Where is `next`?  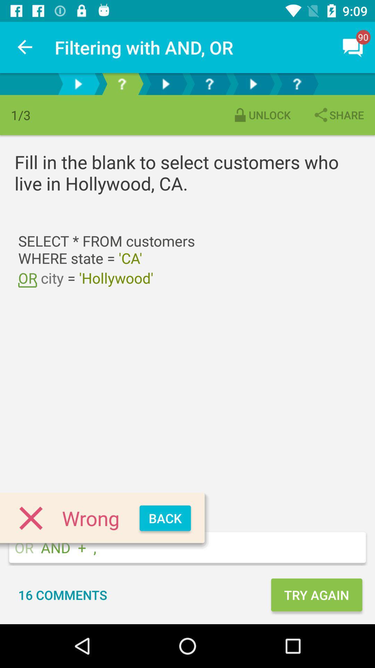 next is located at coordinates (78, 83).